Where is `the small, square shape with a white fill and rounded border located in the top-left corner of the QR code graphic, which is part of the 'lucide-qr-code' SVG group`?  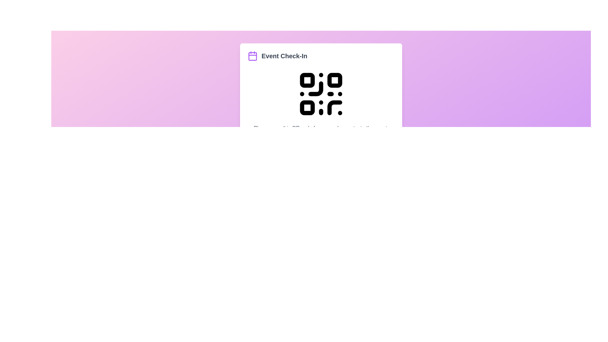 the small, square shape with a white fill and rounded border located in the top-left corner of the QR code graphic, which is part of the 'lucide-qr-code' SVG group is located at coordinates (307, 80).